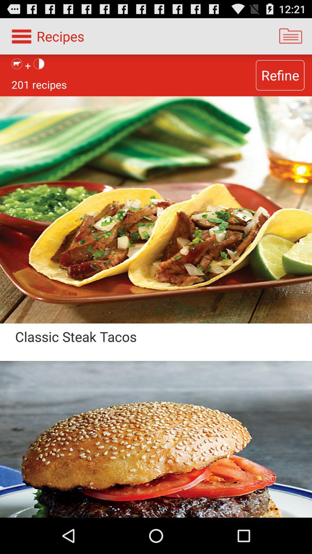 Image resolution: width=312 pixels, height=554 pixels. What do you see at coordinates (291, 36) in the screenshot?
I see `the icon above refine button` at bounding box center [291, 36].